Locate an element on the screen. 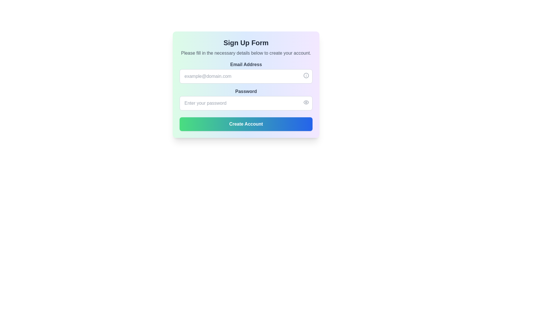 The height and width of the screenshot is (309, 550). the button located in the top-right corner of the password input field labeled 'Password' is located at coordinates (306, 102).